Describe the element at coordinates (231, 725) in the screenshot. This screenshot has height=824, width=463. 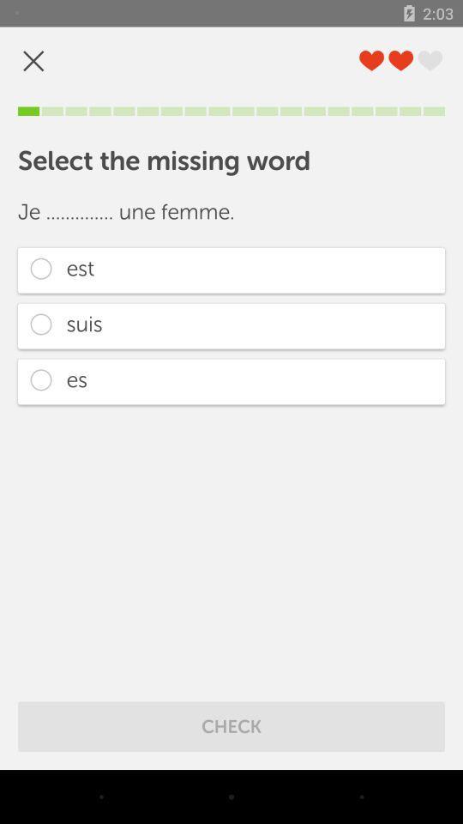
I see `the check icon` at that location.